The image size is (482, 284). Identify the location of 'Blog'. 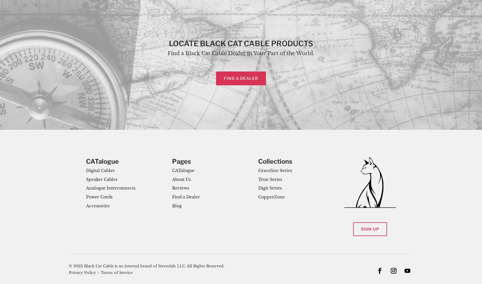
(177, 206).